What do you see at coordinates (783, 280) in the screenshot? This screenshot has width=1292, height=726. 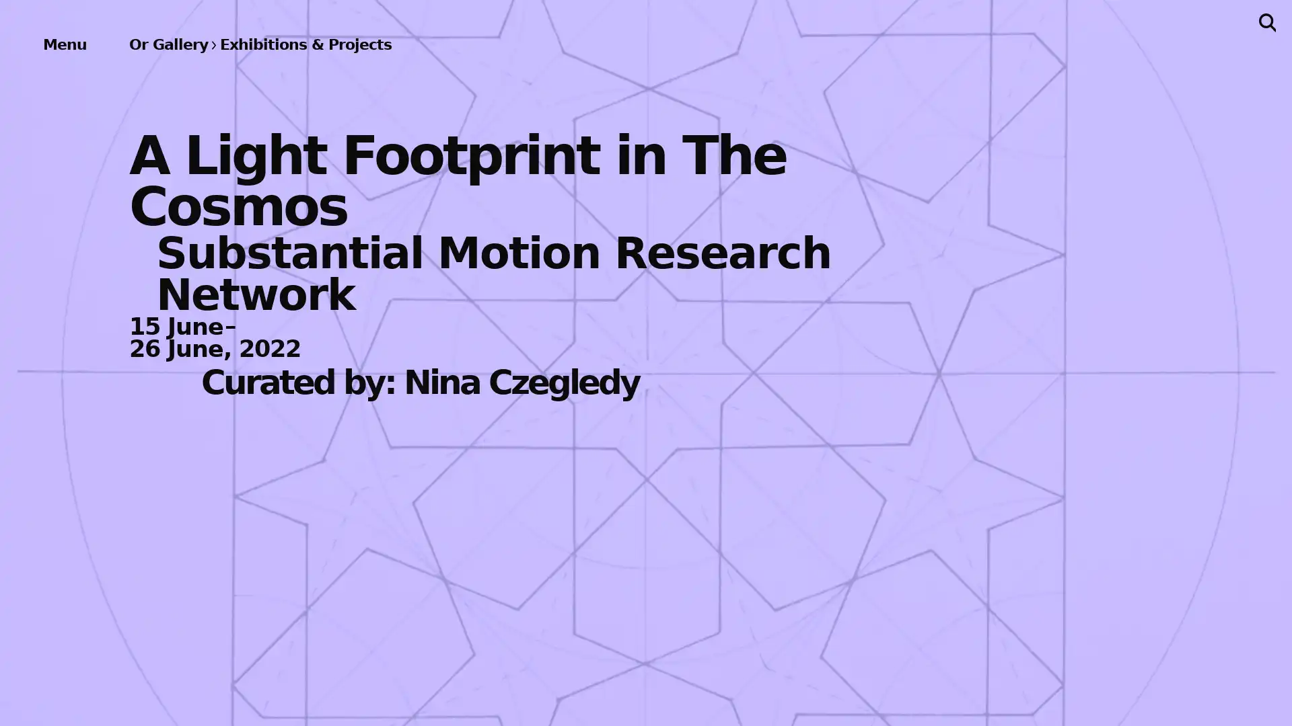 I see `Subscribe` at bounding box center [783, 280].